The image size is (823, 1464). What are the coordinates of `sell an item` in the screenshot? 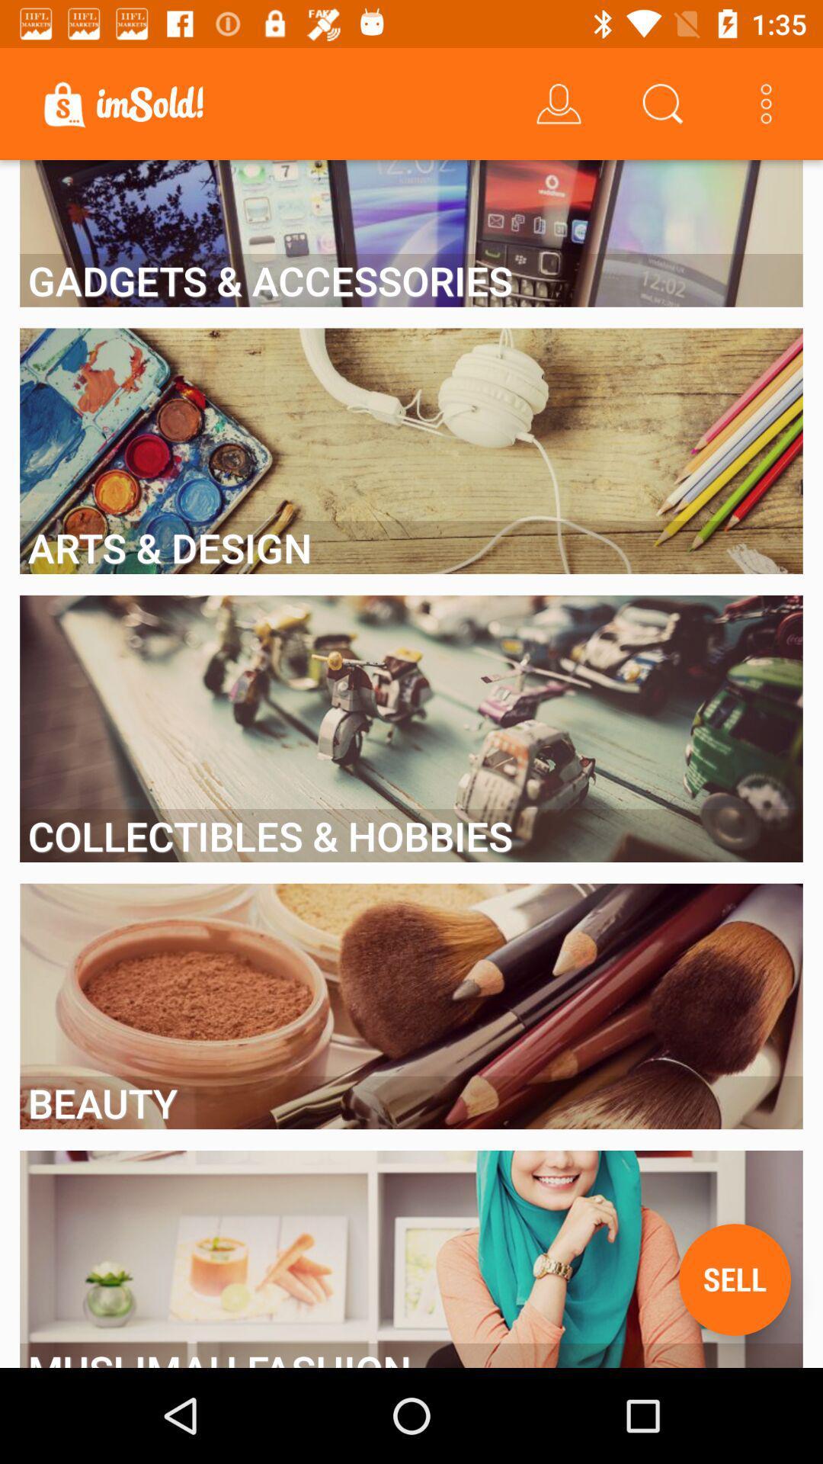 It's located at (734, 1279).